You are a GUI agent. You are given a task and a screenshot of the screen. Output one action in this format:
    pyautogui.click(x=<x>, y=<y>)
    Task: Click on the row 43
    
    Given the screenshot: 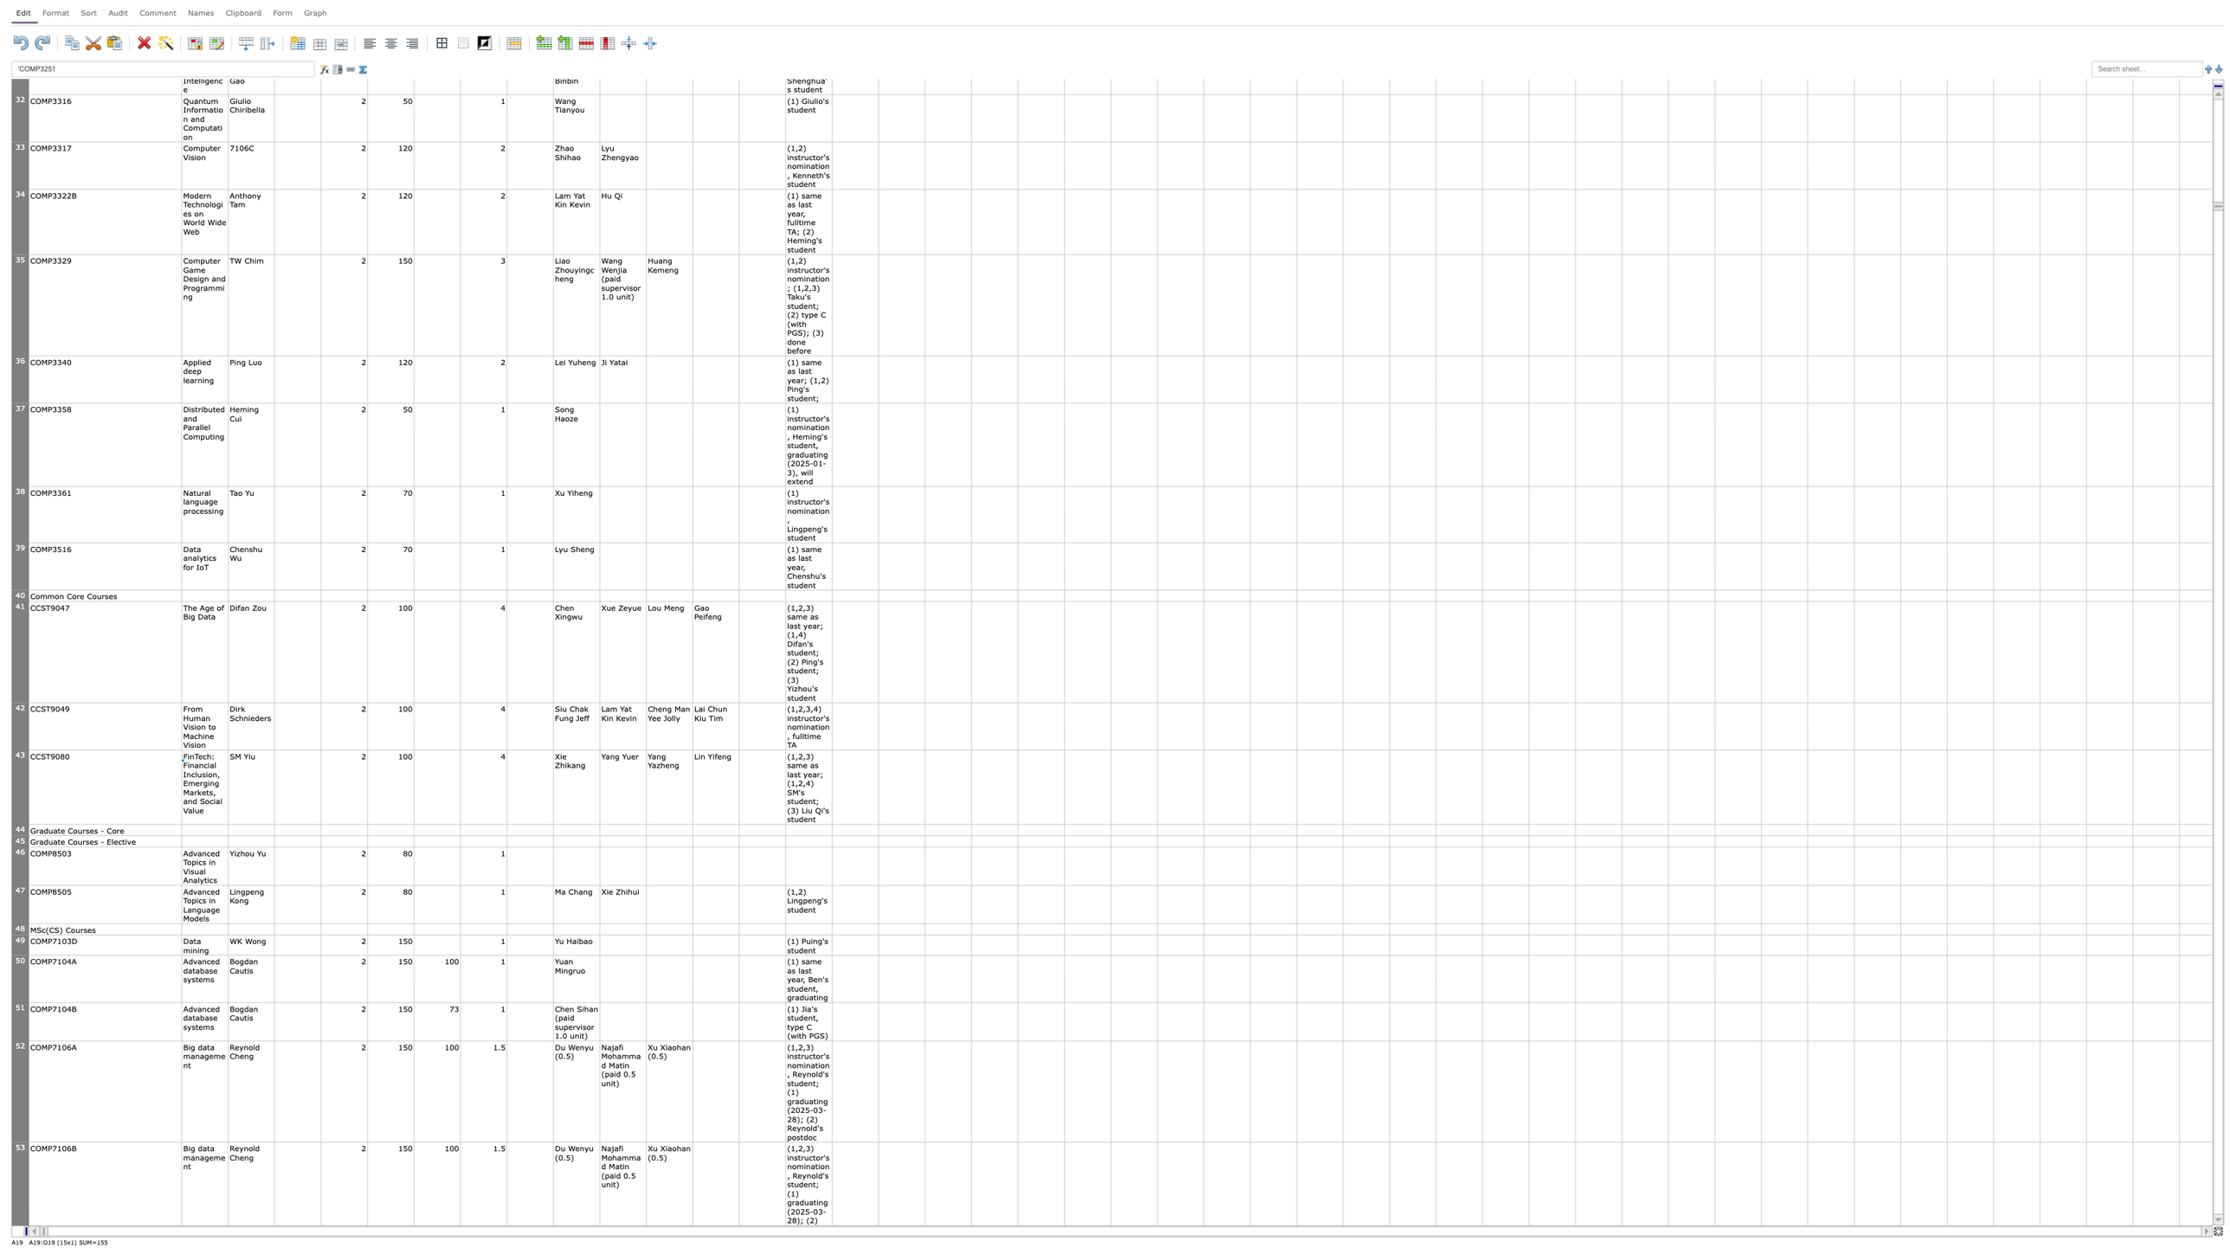 What is the action you would take?
    pyautogui.click(x=20, y=786)
    